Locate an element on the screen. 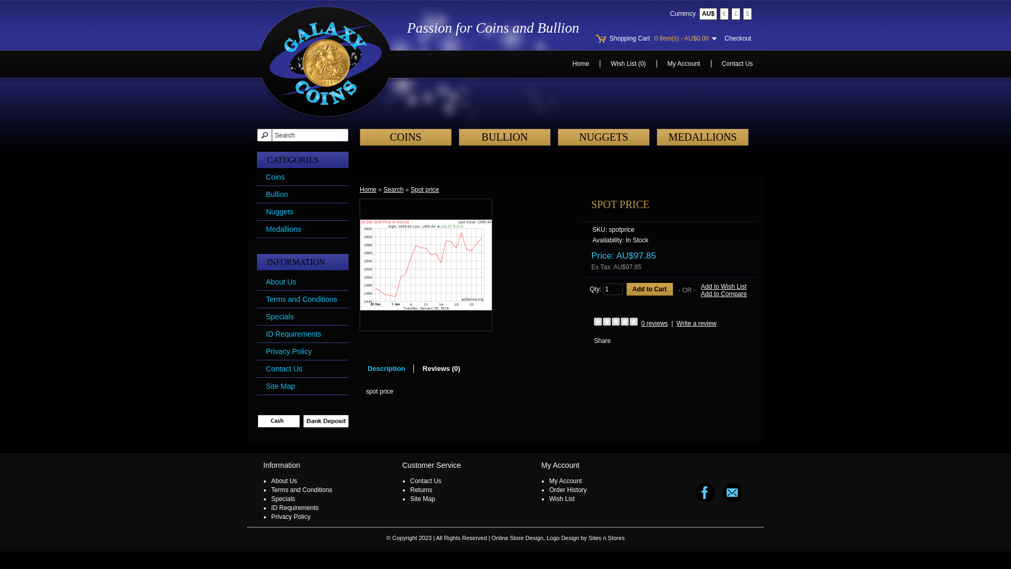  'Add to Compare' is located at coordinates (723, 294).